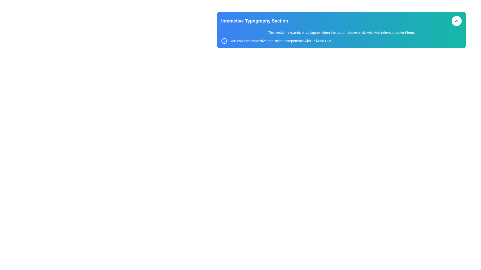 The image size is (481, 270). What do you see at coordinates (457, 21) in the screenshot?
I see `the upward chevron icon button located in the top-right corner of a card with a blue-green gradient background` at bounding box center [457, 21].